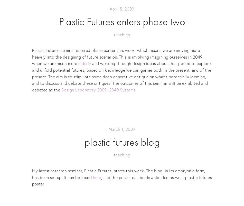 The image size is (244, 206). Describe the element at coordinates (92, 177) in the screenshot. I see `'here'` at that location.